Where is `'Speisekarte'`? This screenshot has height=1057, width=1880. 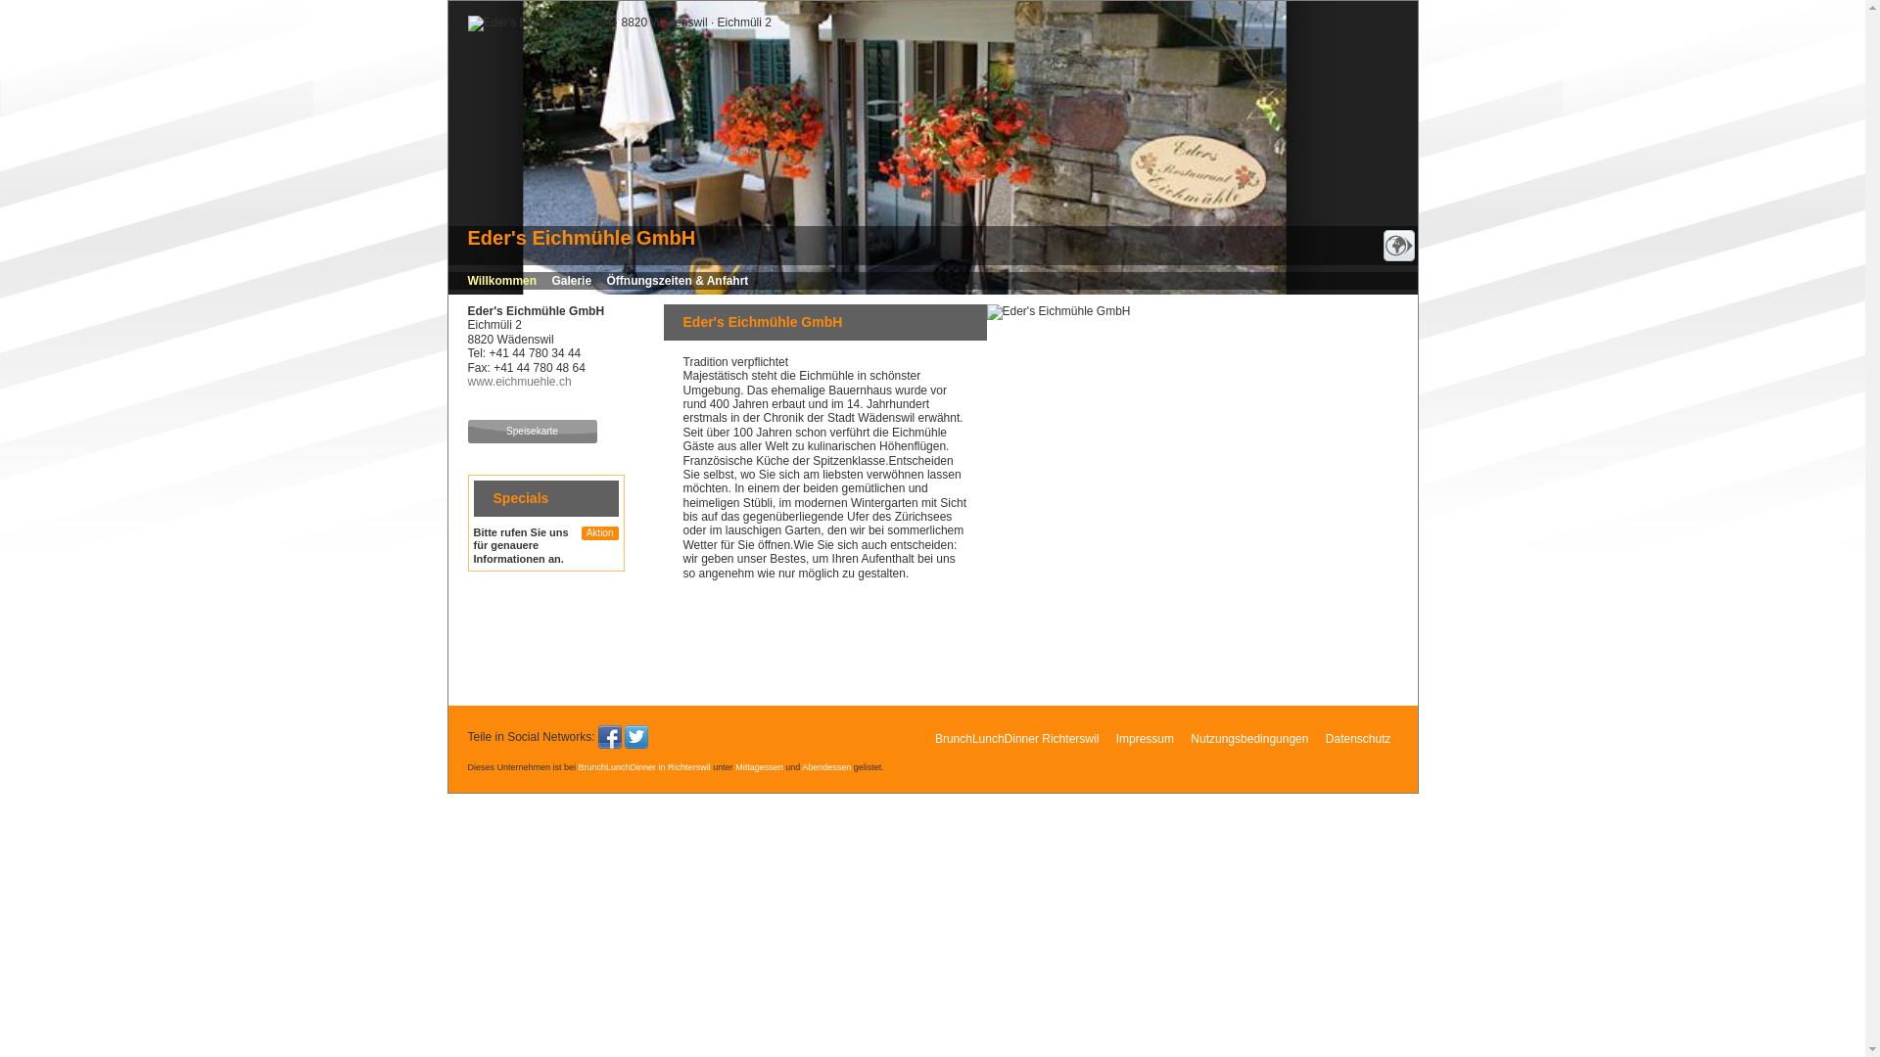
'Speisekarte' is located at coordinates (532, 430).